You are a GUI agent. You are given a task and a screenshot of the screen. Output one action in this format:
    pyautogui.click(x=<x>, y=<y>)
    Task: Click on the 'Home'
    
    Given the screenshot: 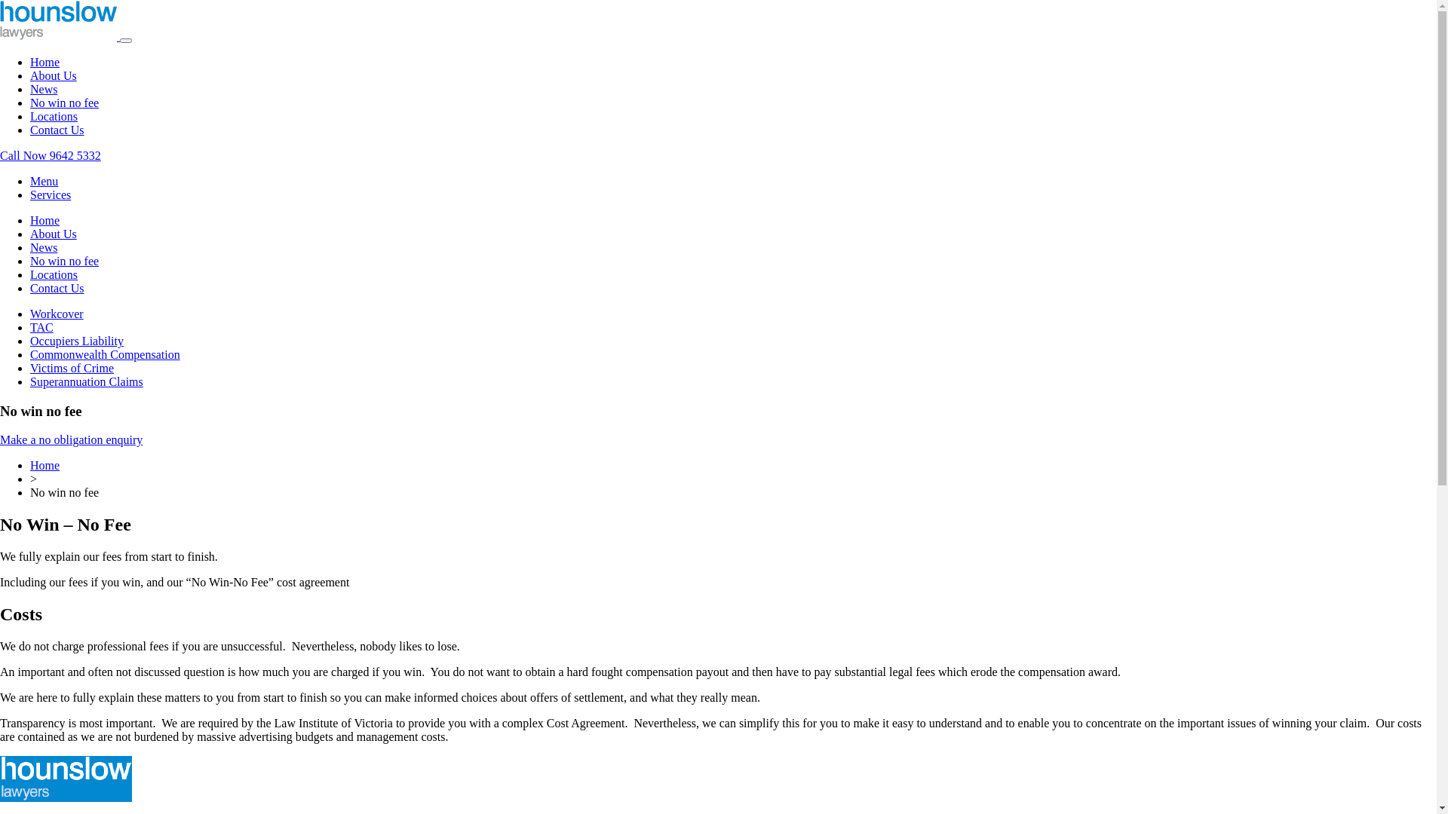 What is the action you would take?
    pyautogui.click(x=44, y=61)
    